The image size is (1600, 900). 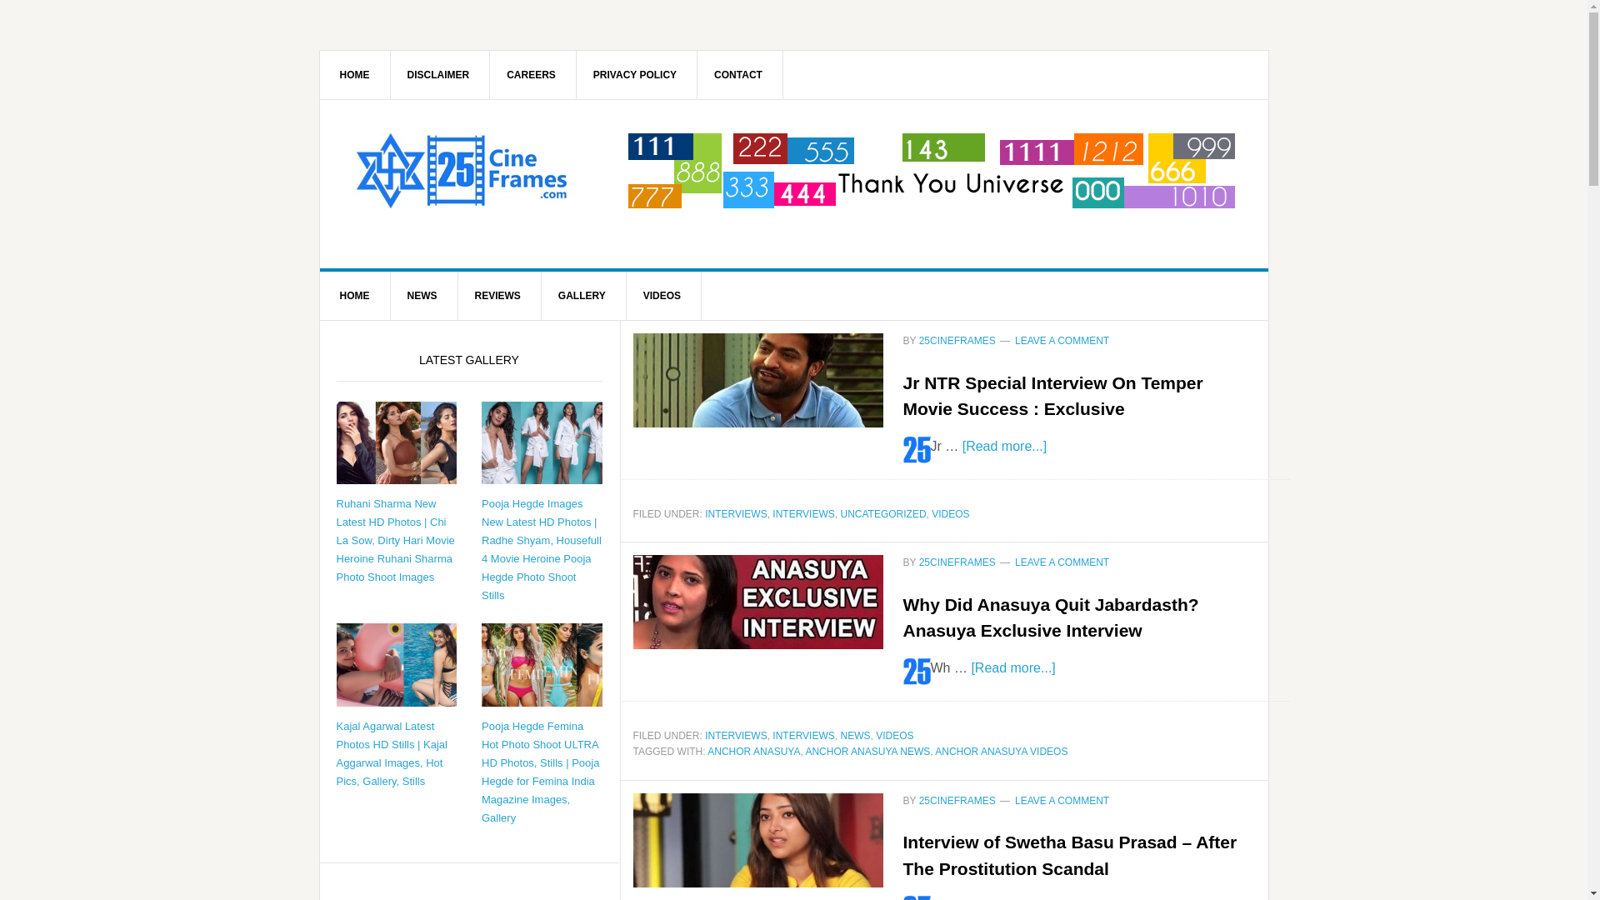 What do you see at coordinates (1000, 752) in the screenshot?
I see `'ANCHOR ANASUYA VIDEOS'` at bounding box center [1000, 752].